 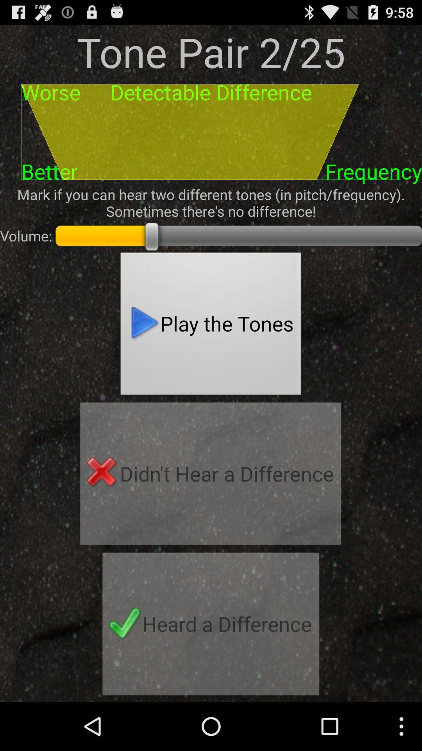 I want to click on the button above heard a difference, so click(x=210, y=476).